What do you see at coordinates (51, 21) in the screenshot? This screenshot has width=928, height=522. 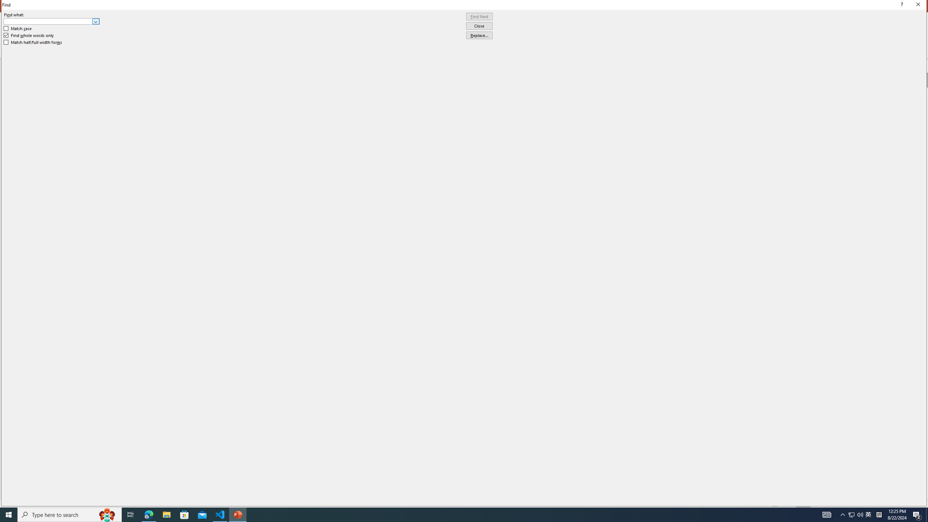 I see `'Find what'` at bounding box center [51, 21].